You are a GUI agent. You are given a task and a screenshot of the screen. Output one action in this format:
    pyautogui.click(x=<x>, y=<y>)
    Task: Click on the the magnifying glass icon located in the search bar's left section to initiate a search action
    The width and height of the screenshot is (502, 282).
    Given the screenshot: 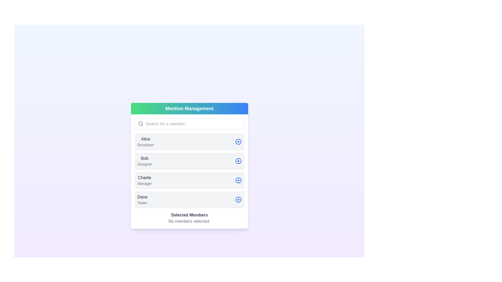 What is the action you would take?
    pyautogui.click(x=141, y=124)
    